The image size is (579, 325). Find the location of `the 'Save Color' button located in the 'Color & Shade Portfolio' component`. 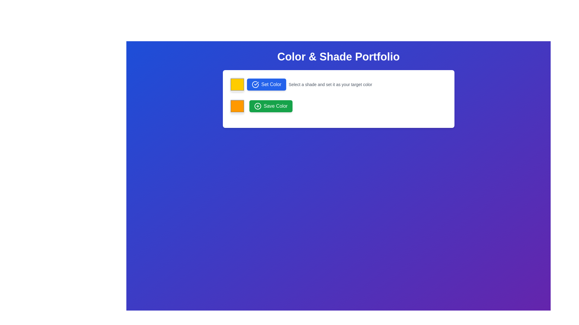

the 'Save Color' button located in the 'Color & Shade Portfolio' component is located at coordinates (270, 106).